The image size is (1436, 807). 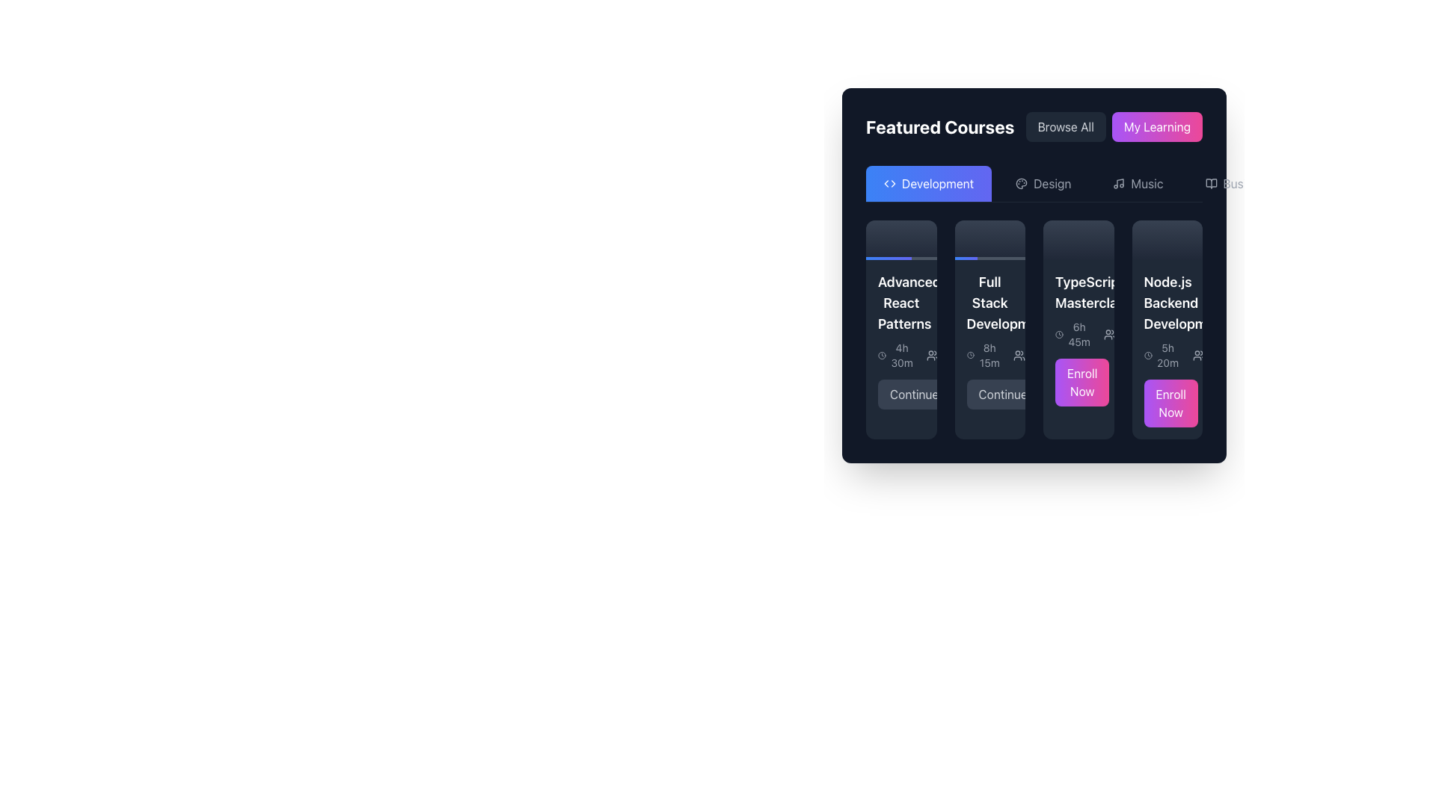 I want to click on the Rating Display element located in the second column of the 'Featured Courses' section, positioned beneath the course title and above the action button, so click(x=995, y=356).